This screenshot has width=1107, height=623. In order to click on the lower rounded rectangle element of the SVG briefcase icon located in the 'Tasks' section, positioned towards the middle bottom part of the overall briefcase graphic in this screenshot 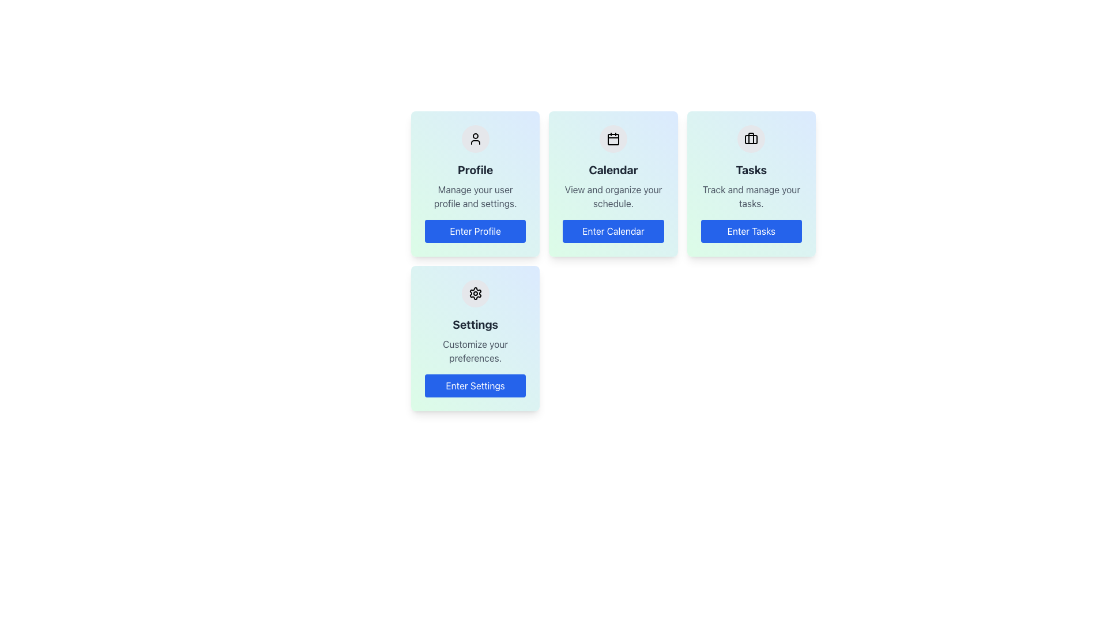, I will do `click(751, 139)`.